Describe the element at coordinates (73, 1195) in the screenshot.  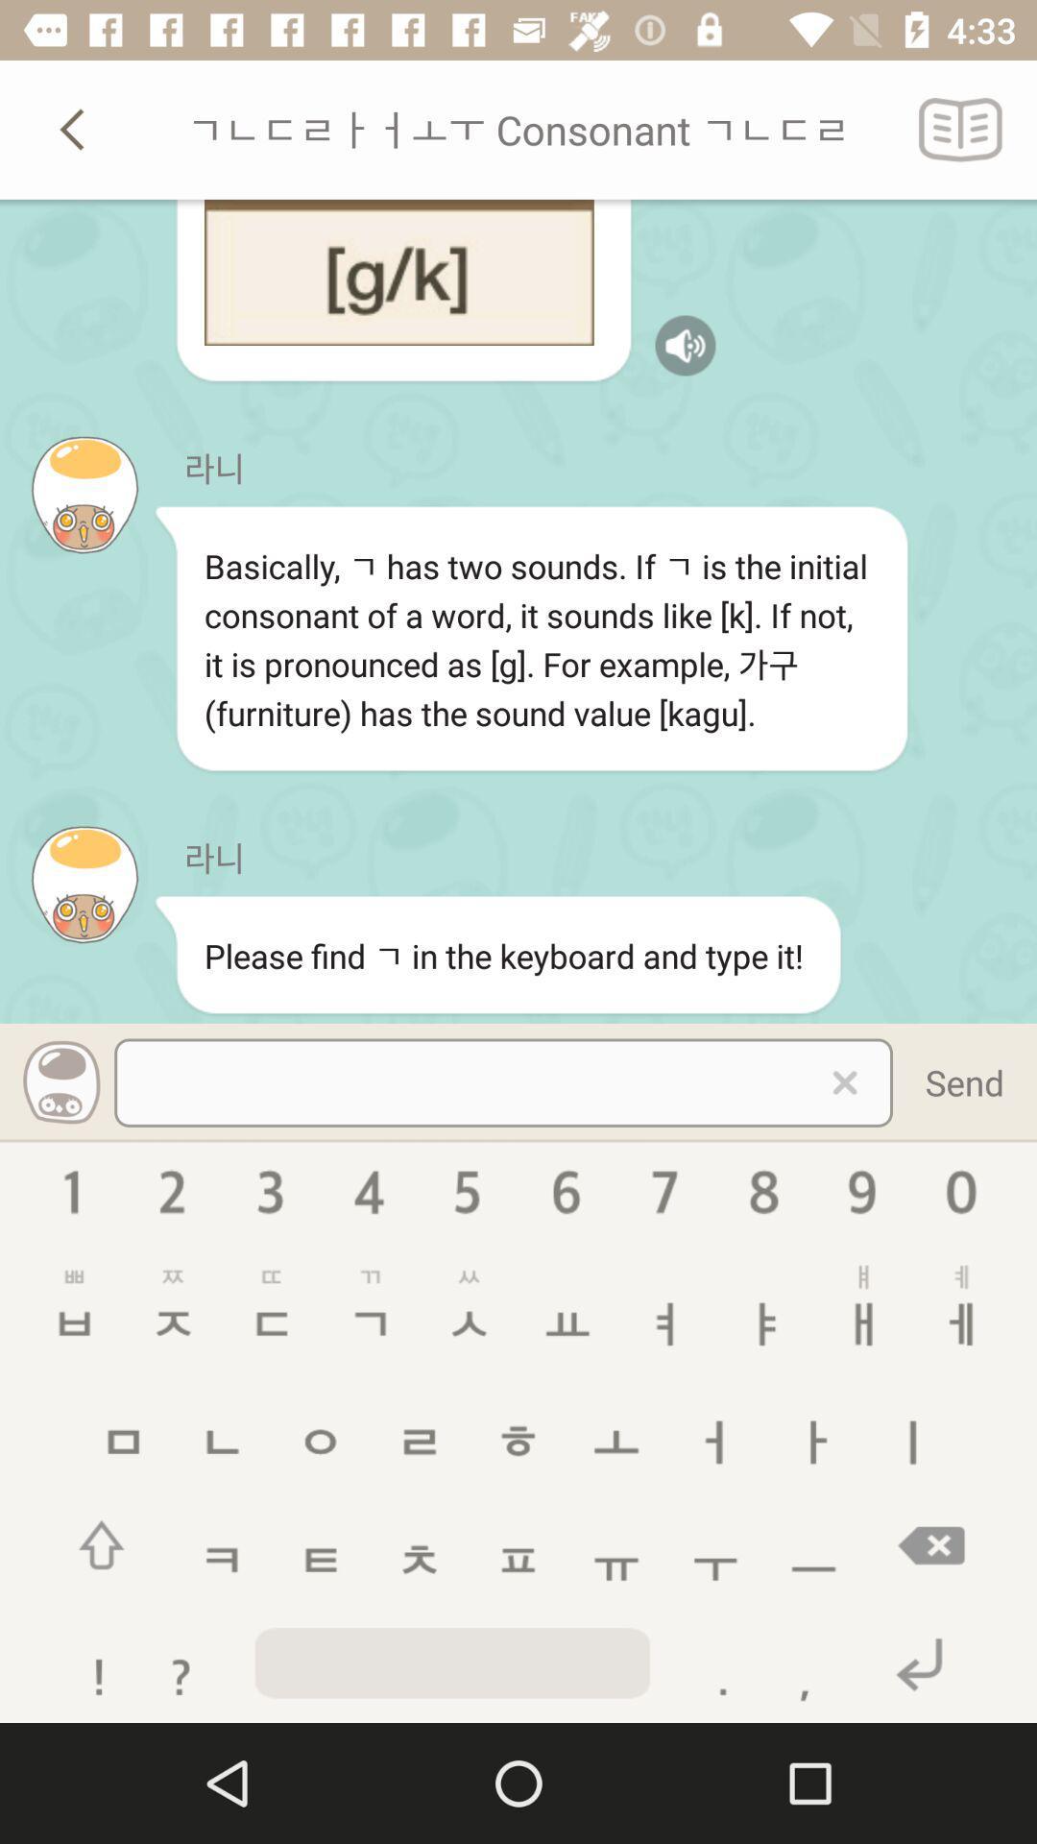
I see `the info icon` at that location.